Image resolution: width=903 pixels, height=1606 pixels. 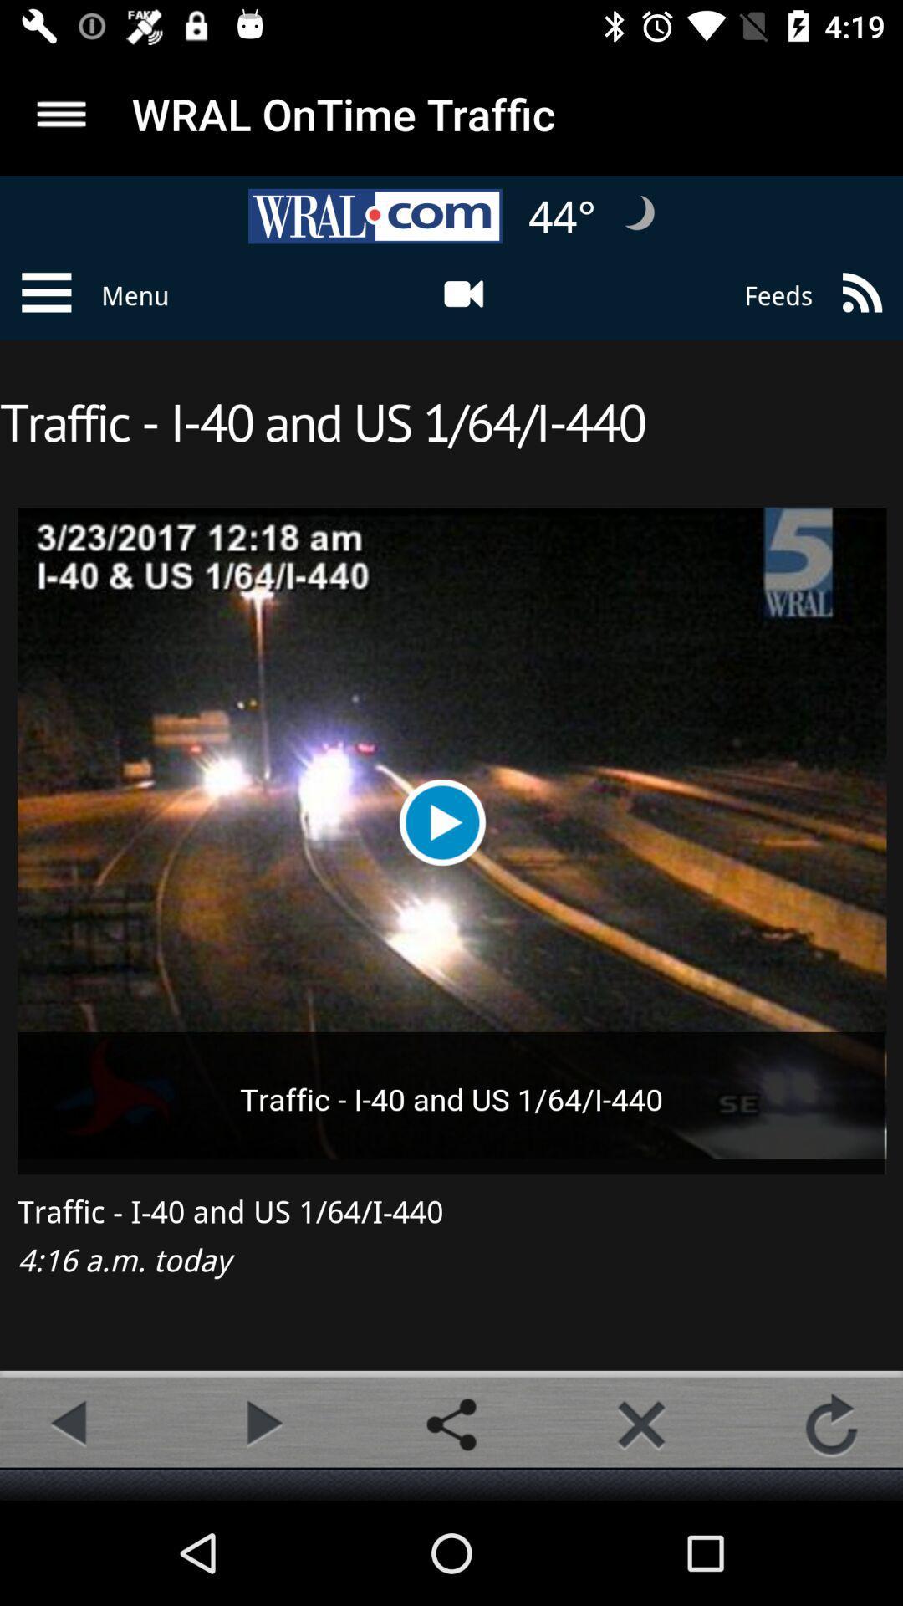 I want to click on next, so click(x=261, y=1424).